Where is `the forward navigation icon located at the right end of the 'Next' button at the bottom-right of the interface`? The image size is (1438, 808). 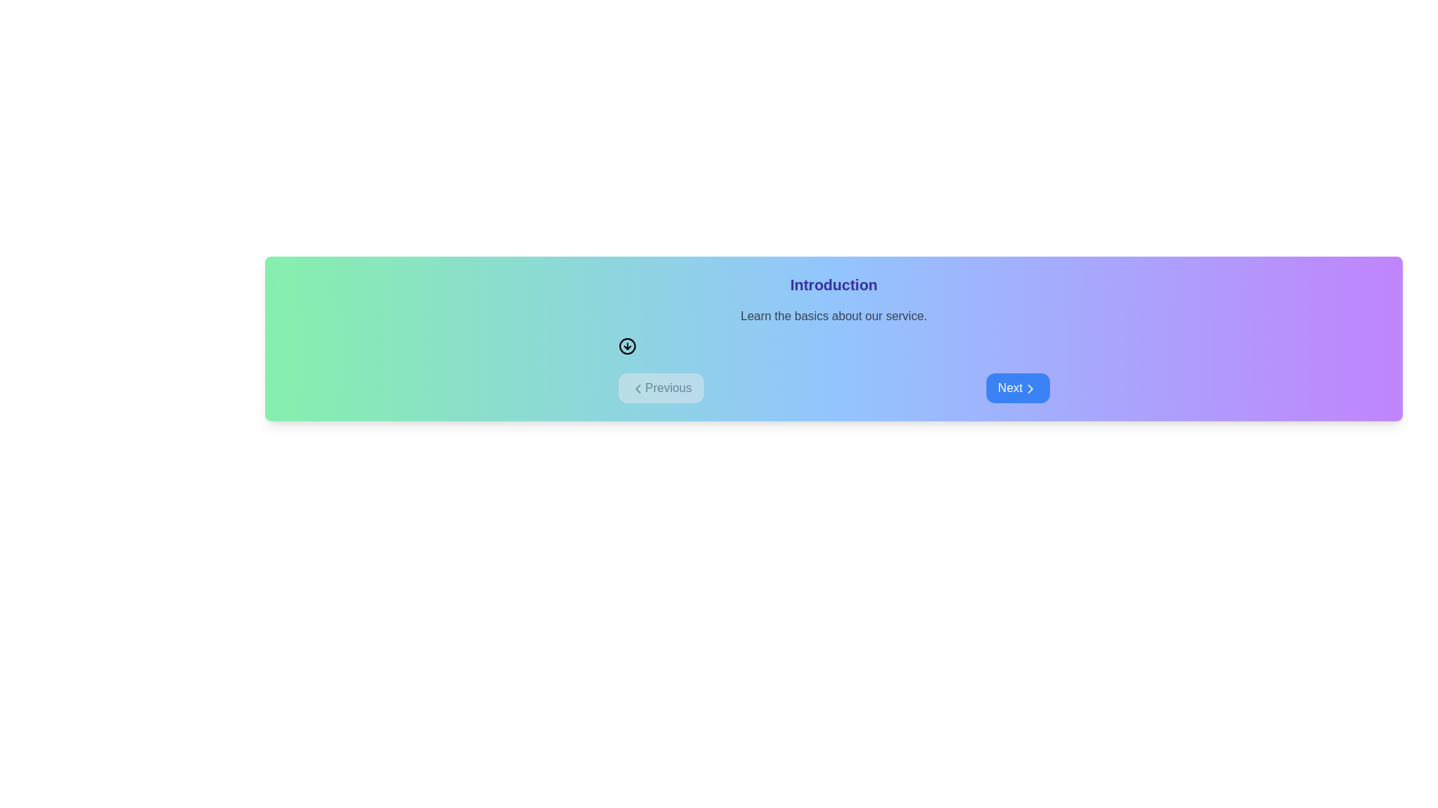 the forward navigation icon located at the right end of the 'Next' button at the bottom-right of the interface is located at coordinates (1029, 388).